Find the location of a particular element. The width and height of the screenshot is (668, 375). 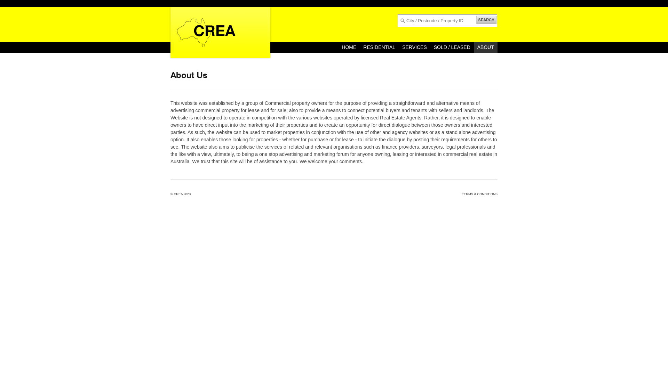

'Commercial Real Estate Australia' is located at coordinates (167, 32).